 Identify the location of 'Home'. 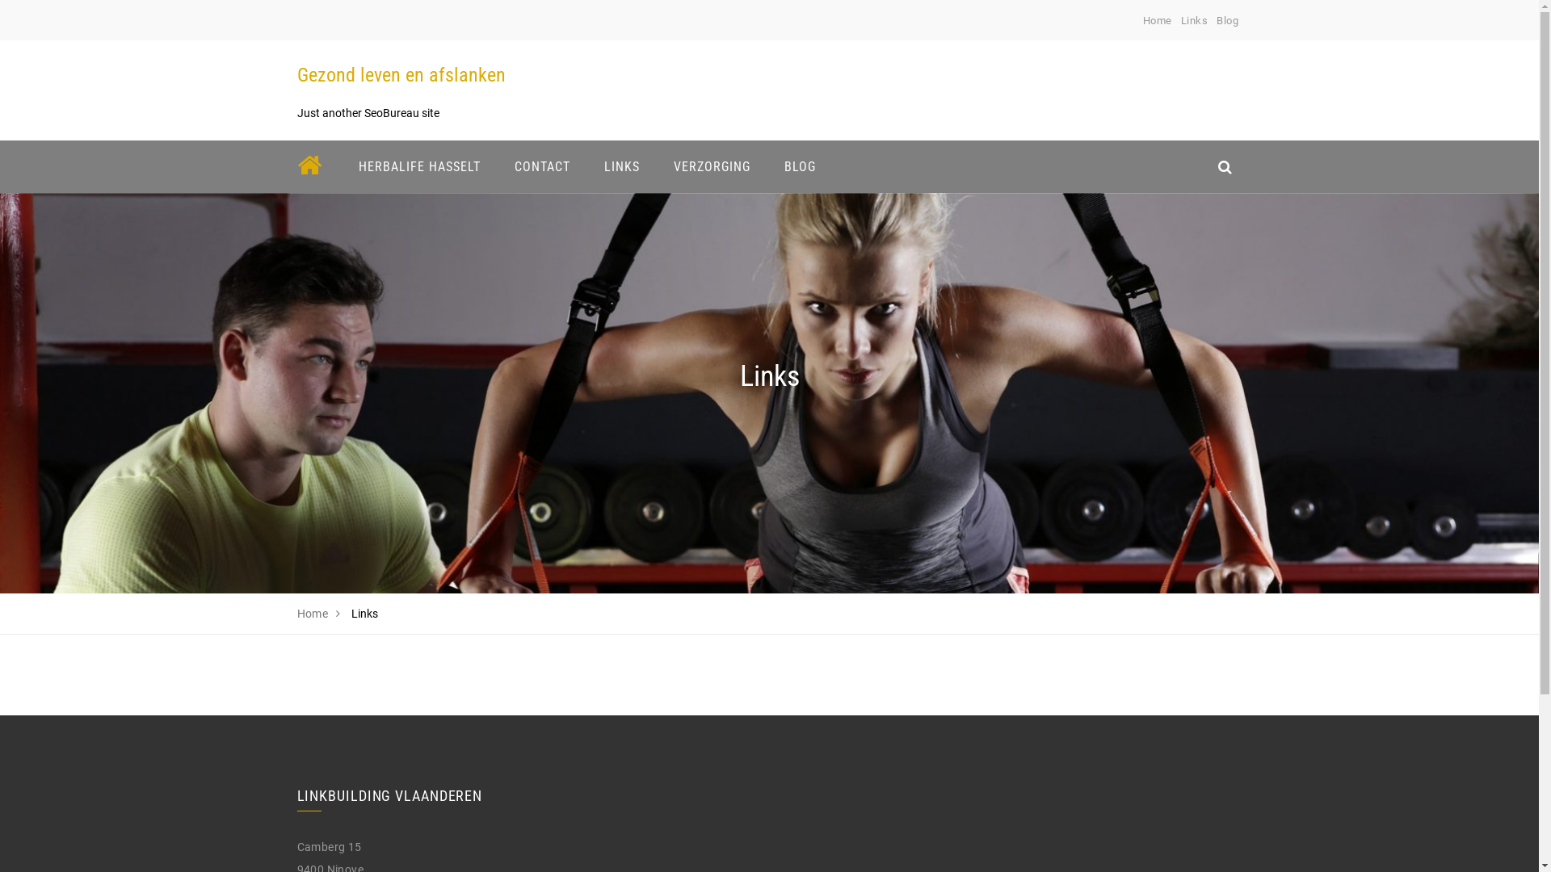
(1142, 20).